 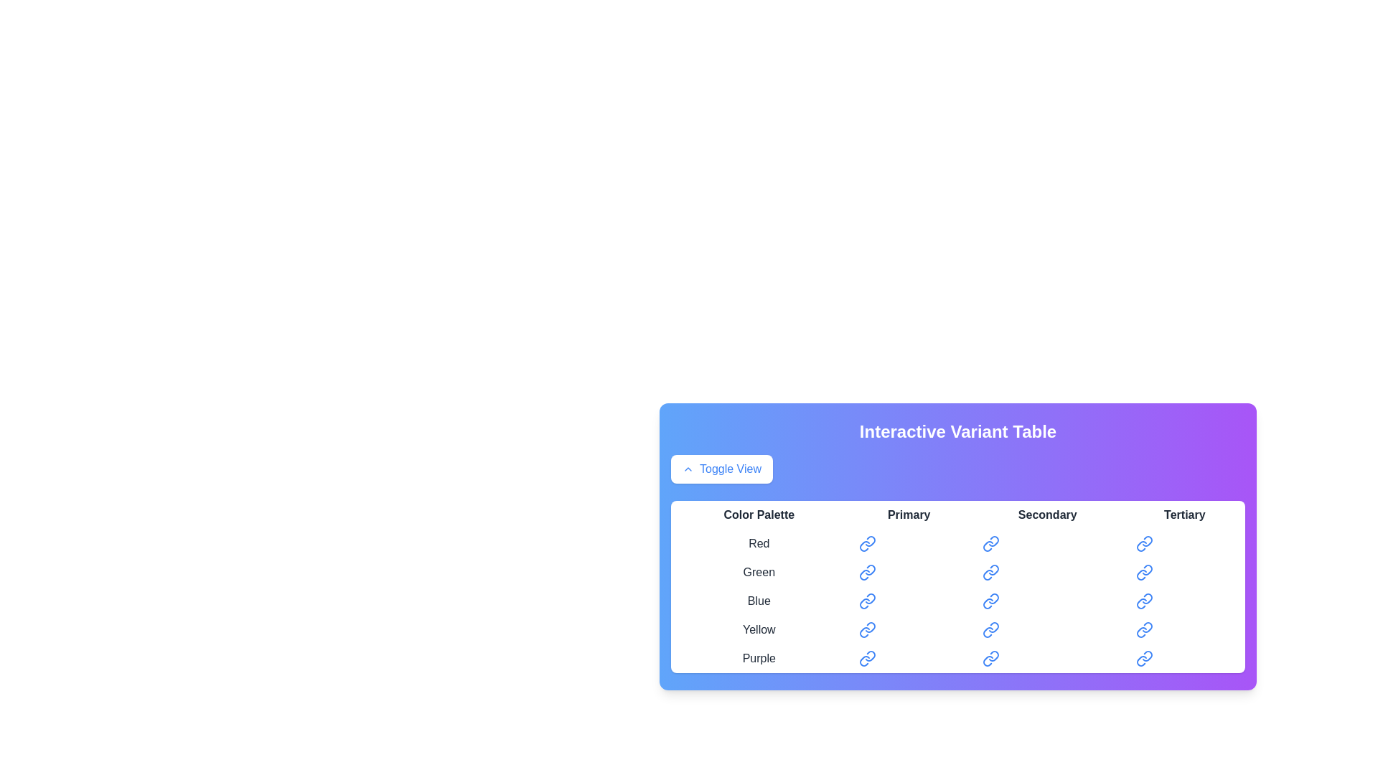 I want to click on the hyperlink labeled 'Primary - Blue' located in the third row and second column of the table, so click(x=908, y=601).